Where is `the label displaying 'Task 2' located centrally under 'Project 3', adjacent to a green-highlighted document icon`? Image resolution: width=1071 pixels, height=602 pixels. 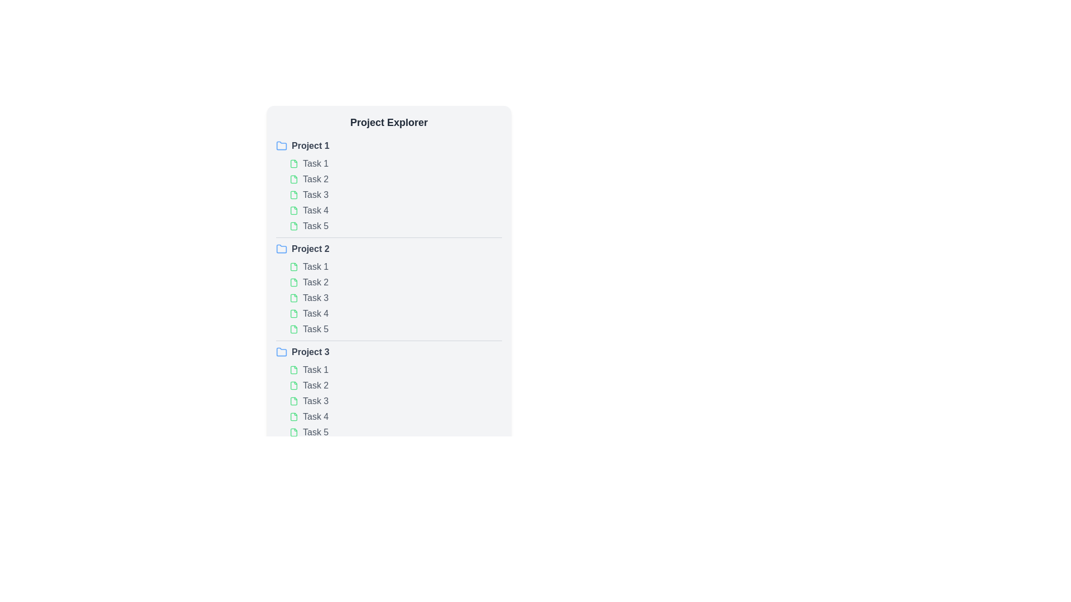 the label displaying 'Task 2' located centrally under 'Project 3', adjacent to a green-highlighted document icon is located at coordinates (315, 385).